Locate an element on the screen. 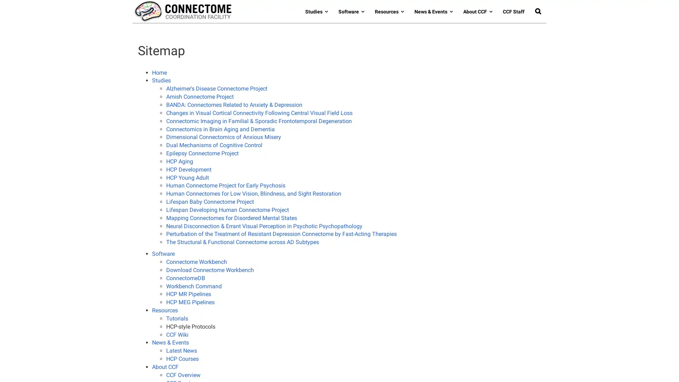  CCF Staff is located at coordinates (513, 13).